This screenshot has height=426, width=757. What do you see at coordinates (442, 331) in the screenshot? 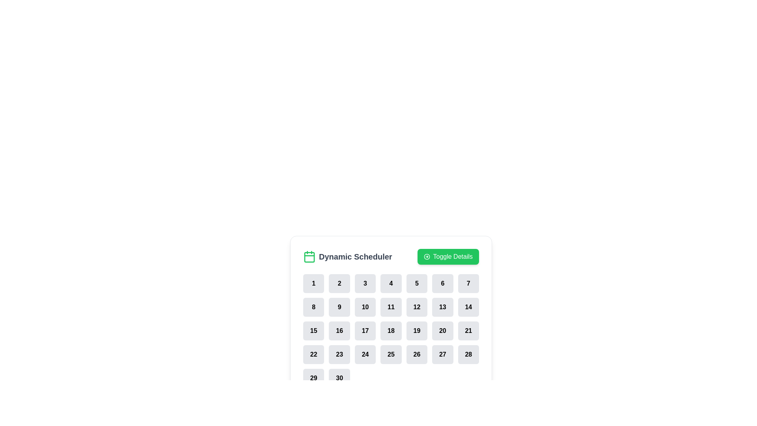
I see `the button representing the day '20' in the calendar grid located below the 'Dynamic Scheduler' header` at bounding box center [442, 331].